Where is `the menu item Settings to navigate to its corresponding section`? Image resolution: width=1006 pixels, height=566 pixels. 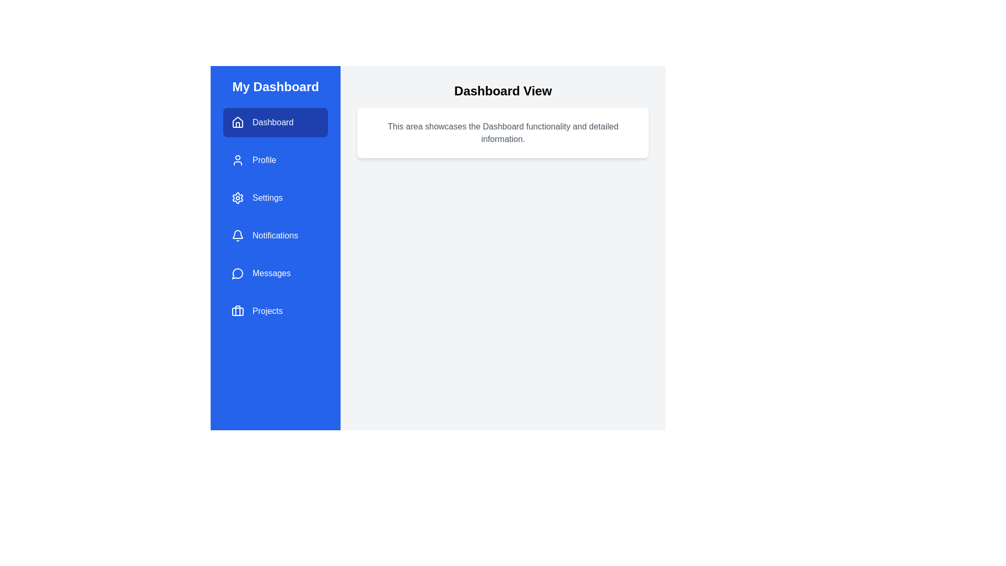
the menu item Settings to navigate to its corresponding section is located at coordinates (276, 198).